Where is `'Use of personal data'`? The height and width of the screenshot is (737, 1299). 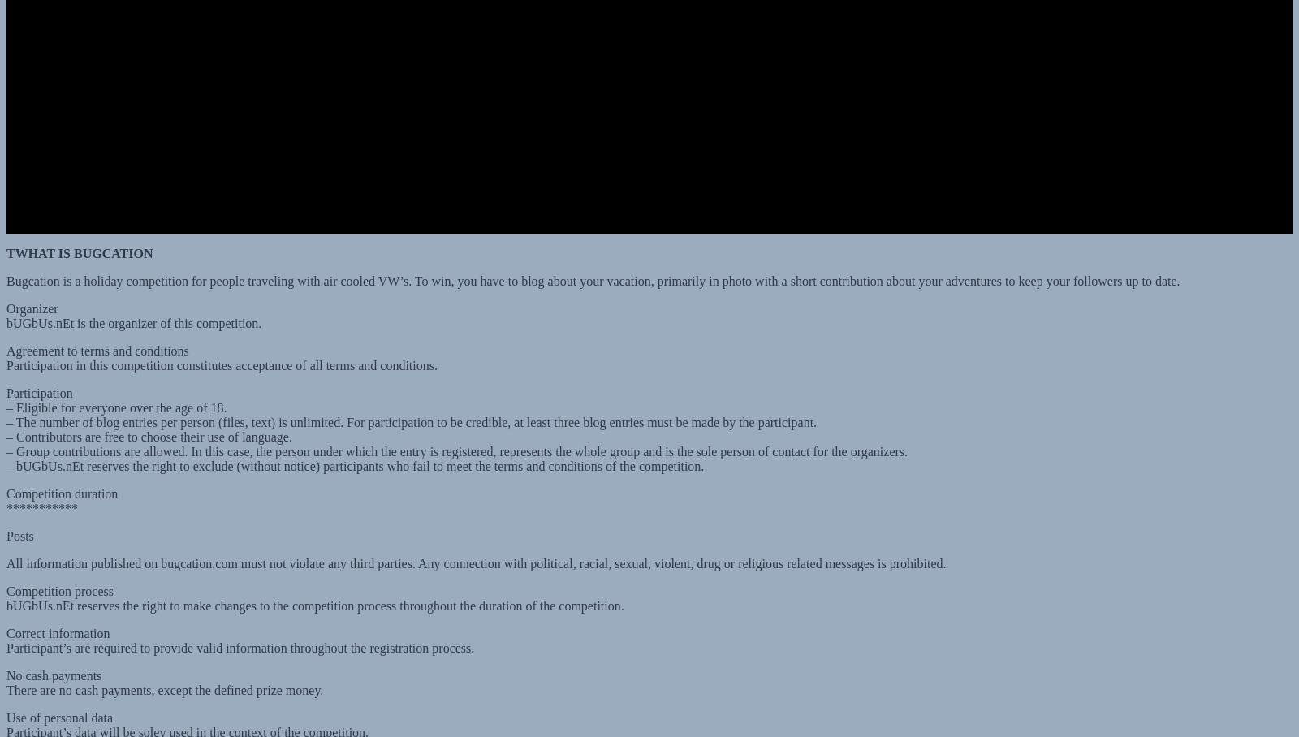 'Use of personal data' is located at coordinates (58, 701).